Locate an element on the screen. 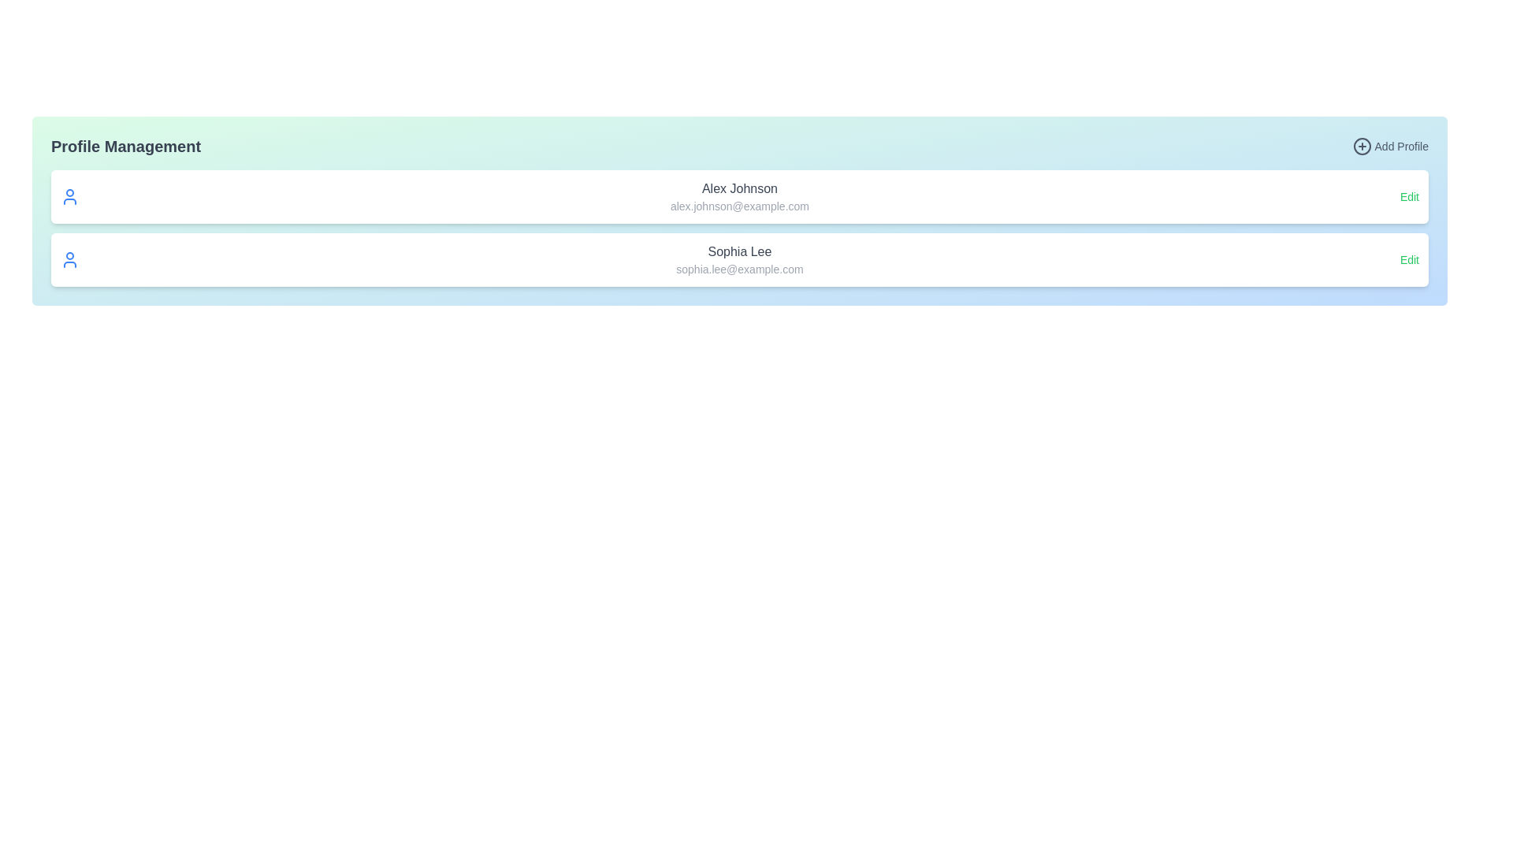 This screenshot has height=851, width=1513. the static text label displaying the email address of the user, which is located directly below 'Sophia Lee' in the user profile section is located at coordinates (738, 269).